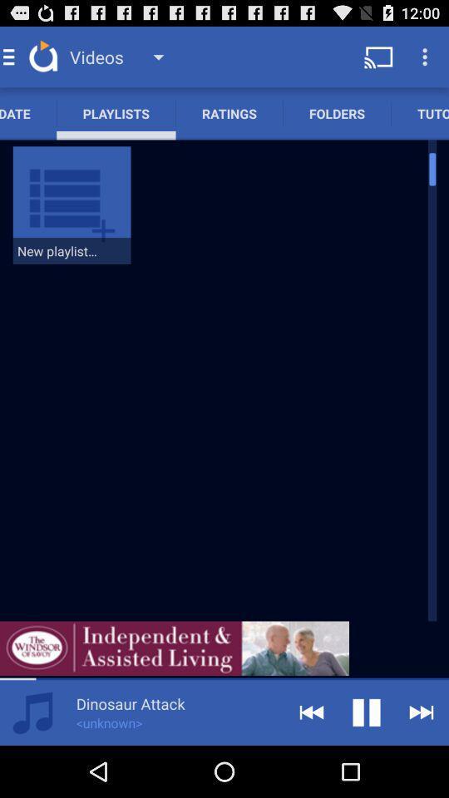  What do you see at coordinates (419, 112) in the screenshot?
I see `the tab on right side of folders` at bounding box center [419, 112].